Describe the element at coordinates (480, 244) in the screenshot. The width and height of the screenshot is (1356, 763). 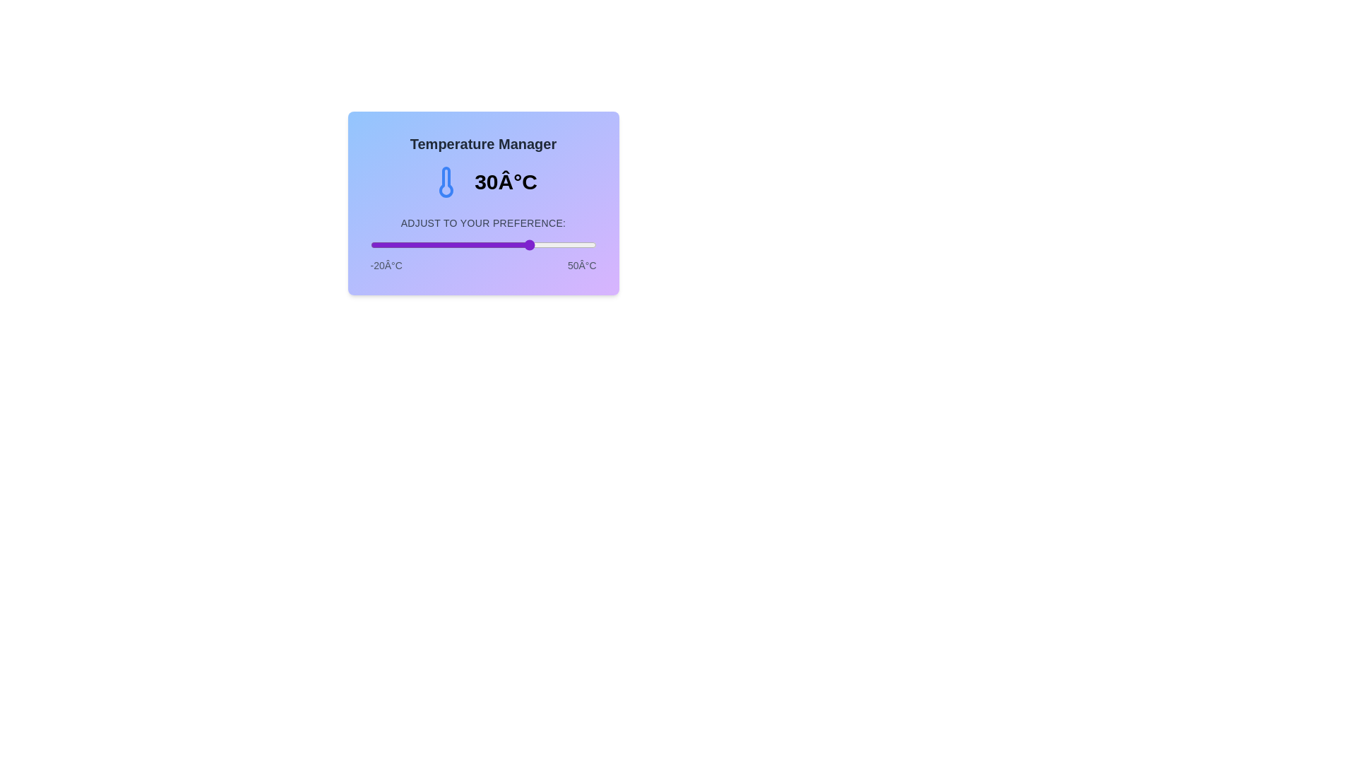
I see `the temperature to 14 degrees Celsius by dragging the slider` at that location.